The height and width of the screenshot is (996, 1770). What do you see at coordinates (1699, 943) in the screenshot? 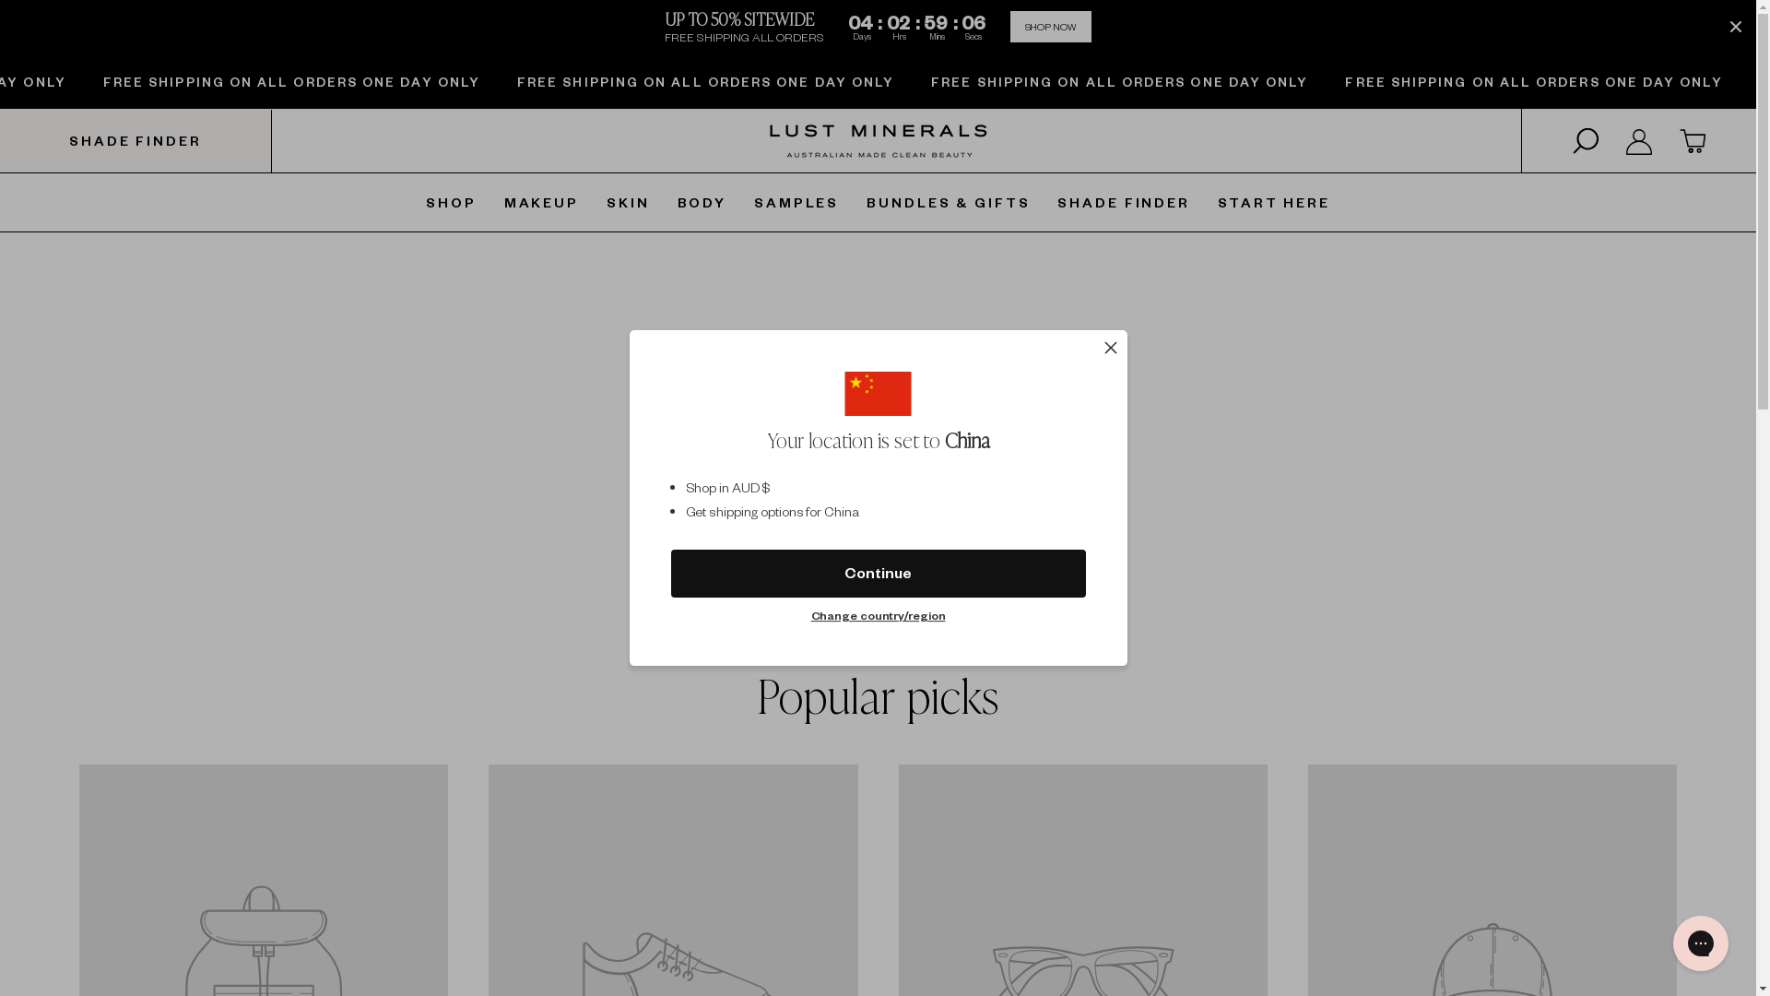
I see `'Gorgias live chat messenger'` at bounding box center [1699, 943].